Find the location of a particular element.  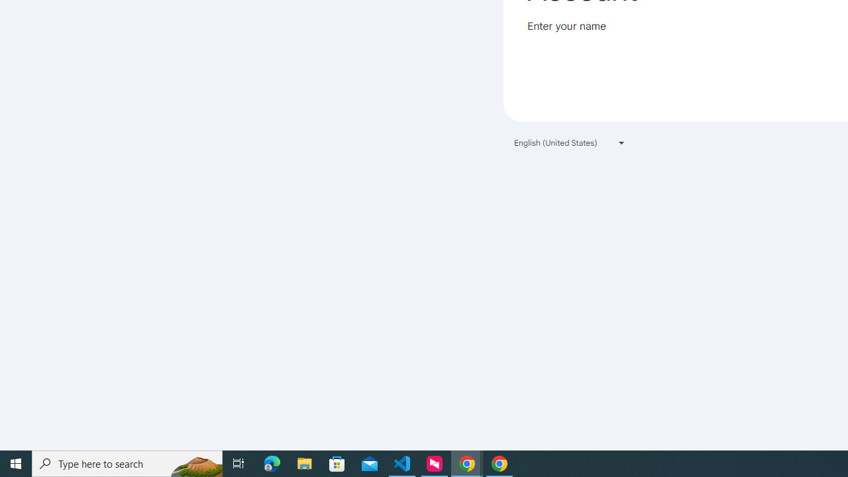

'English (United States)' is located at coordinates (570, 142).